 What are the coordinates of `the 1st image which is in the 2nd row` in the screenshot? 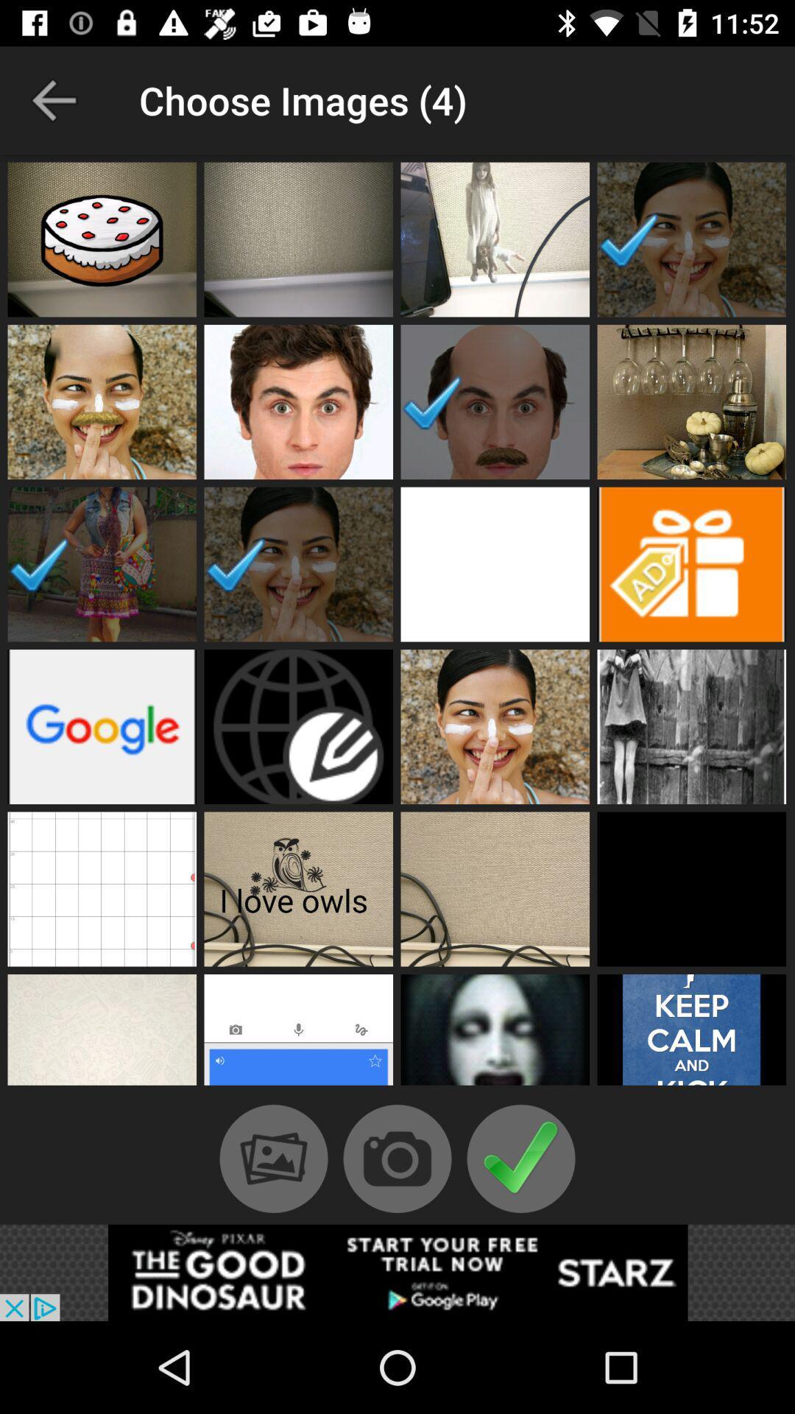 It's located at (101, 402).